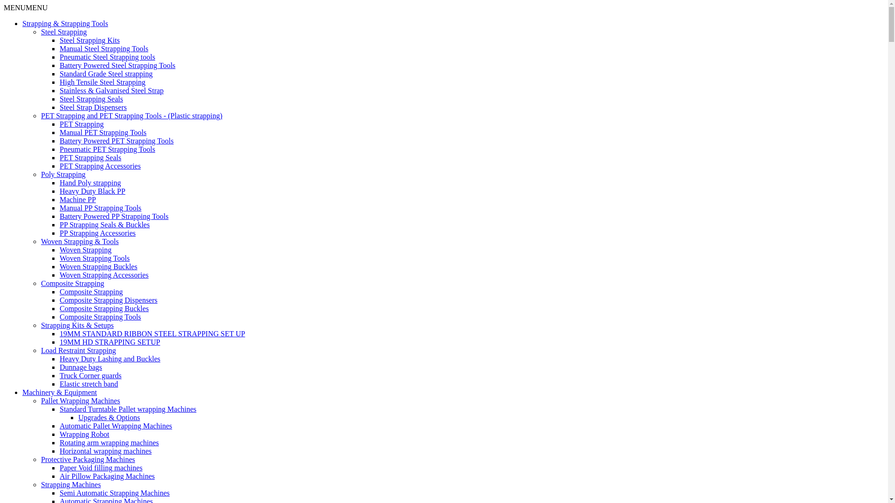 The image size is (895, 503). I want to click on 'Heavy Duty Black PP', so click(92, 190).